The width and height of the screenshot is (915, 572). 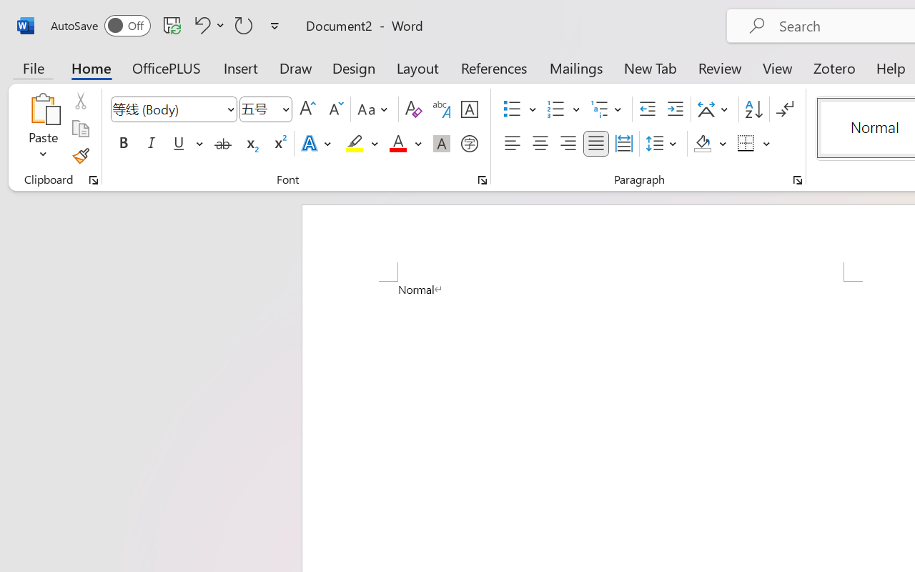 I want to click on 'Underline', so click(x=178, y=144).